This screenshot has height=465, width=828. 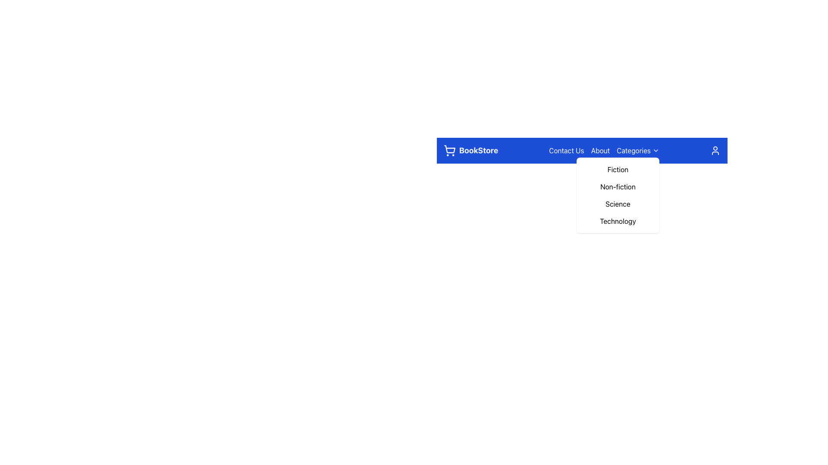 What do you see at coordinates (715, 150) in the screenshot?
I see `the user profile button located at the far right of the horizontal navigation bar, next to the 'Categories' menu item` at bounding box center [715, 150].